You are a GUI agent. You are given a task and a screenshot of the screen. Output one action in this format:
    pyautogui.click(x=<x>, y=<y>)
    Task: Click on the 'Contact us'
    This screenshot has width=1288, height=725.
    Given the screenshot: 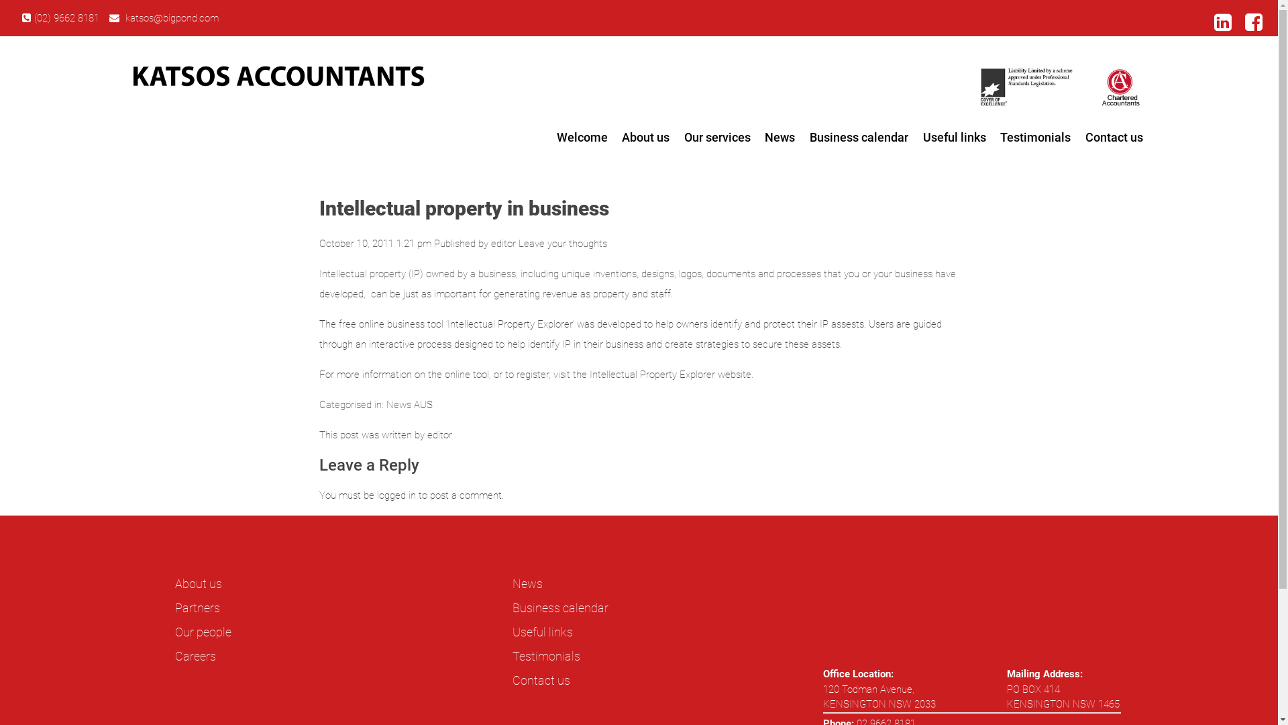 What is the action you would take?
    pyautogui.click(x=1078, y=137)
    